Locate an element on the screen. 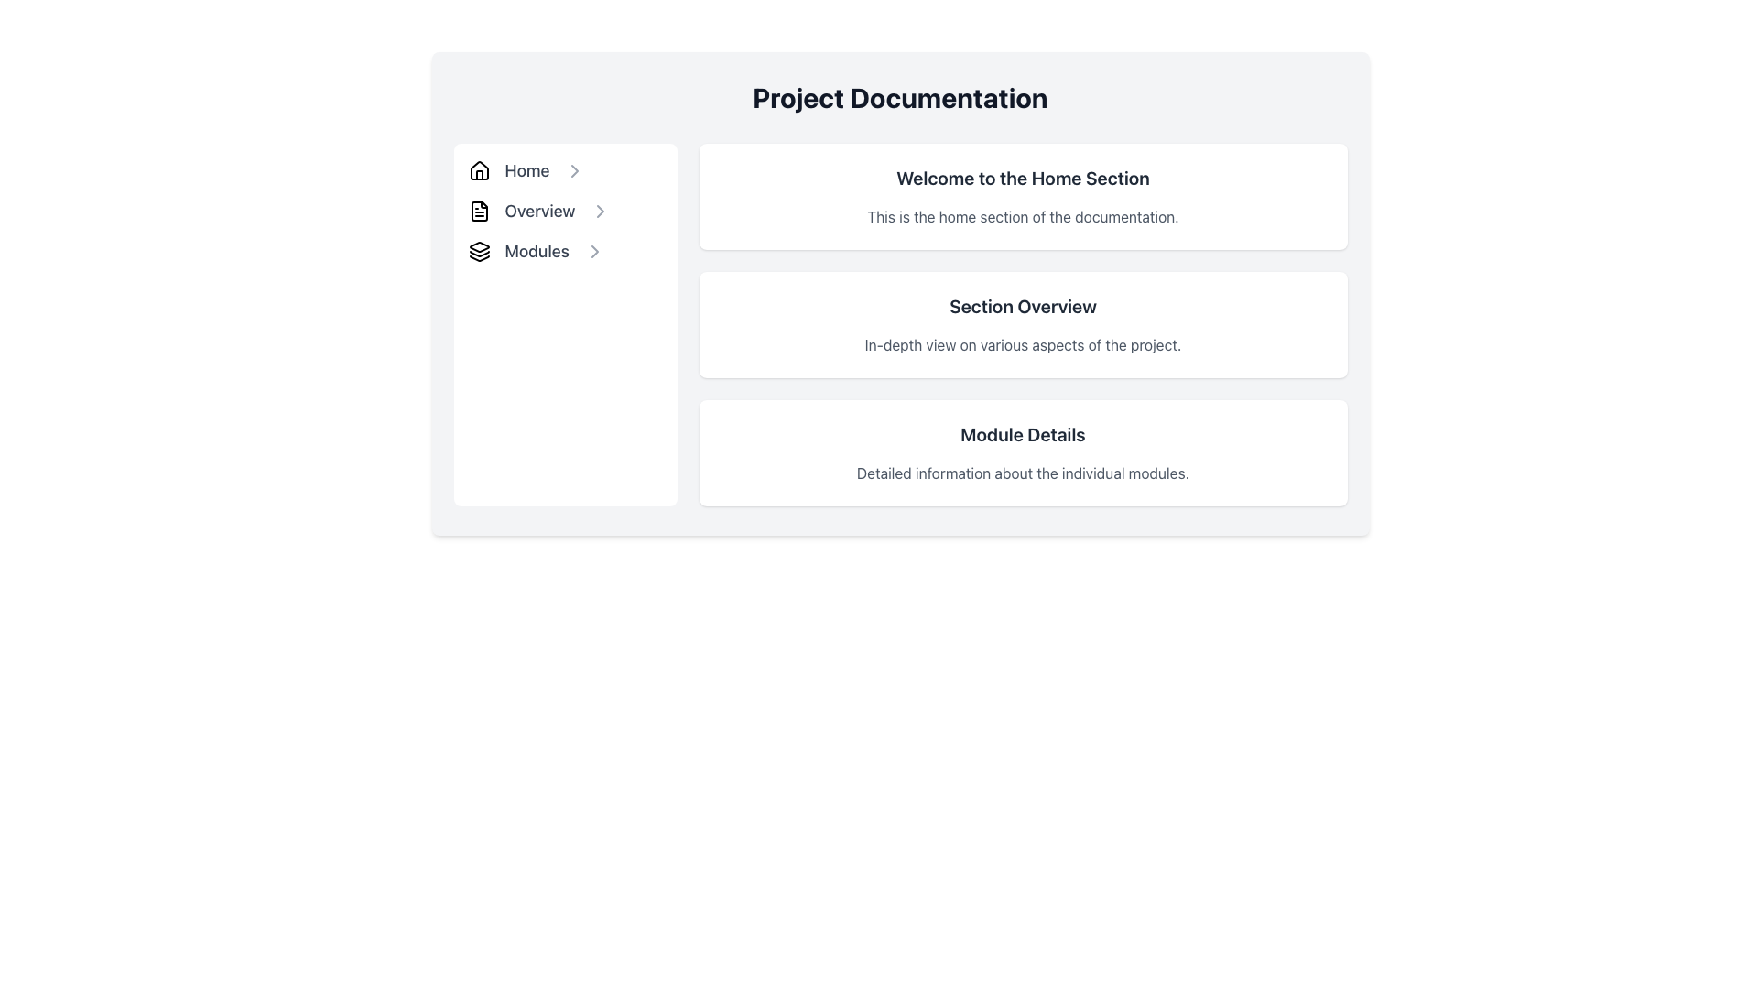 Image resolution: width=1758 pixels, height=989 pixels. the right-pointing light gray Chevron icon next to the 'Modules' text in the vertical navigation menu is located at coordinates (594, 251).